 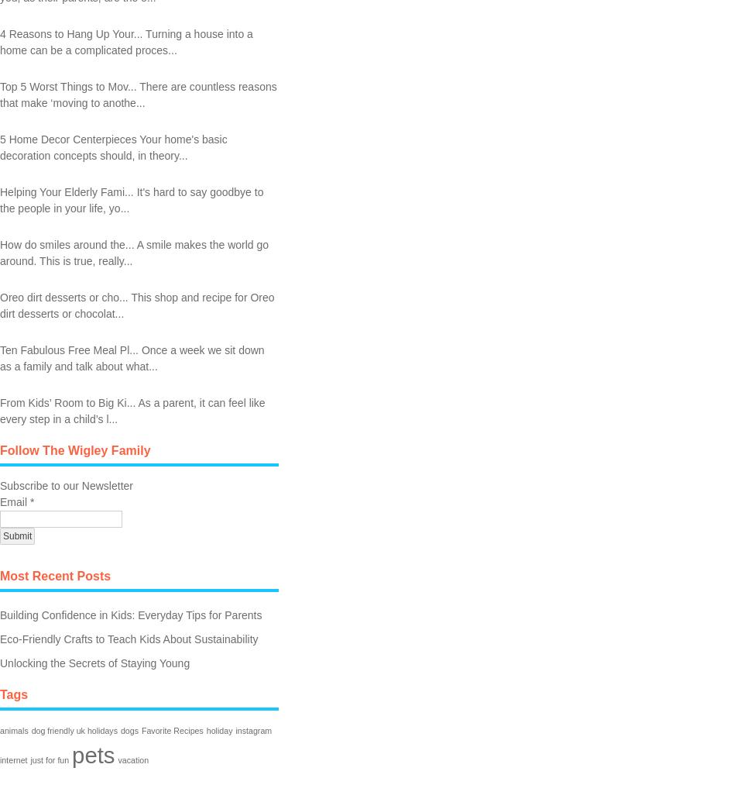 What do you see at coordinates (93, 754) in the screenshot?
I see `'pets'` at bounding box center [93, 754].